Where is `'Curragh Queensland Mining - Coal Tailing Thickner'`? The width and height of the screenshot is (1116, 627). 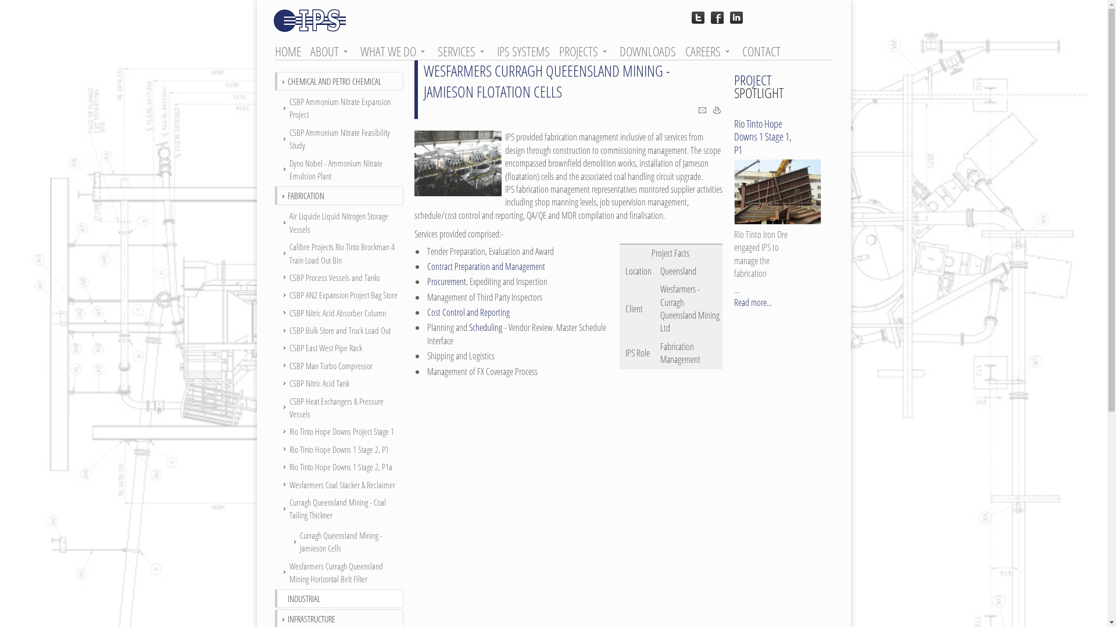
'Curragh Queensland Mining - Coal Tailing Thickner' is located at coordinates (339, 508).